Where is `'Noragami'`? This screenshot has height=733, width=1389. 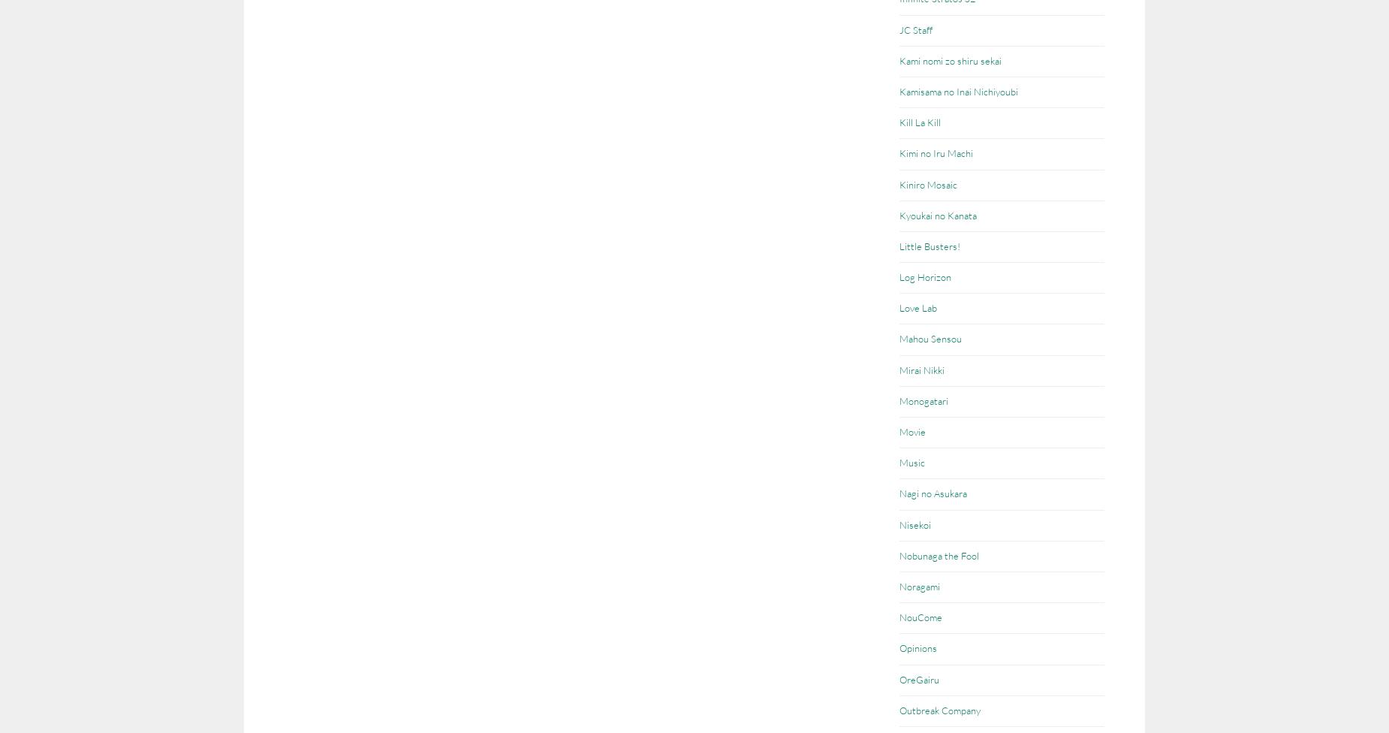
'Noragami' is located at coordinates (919, 586).